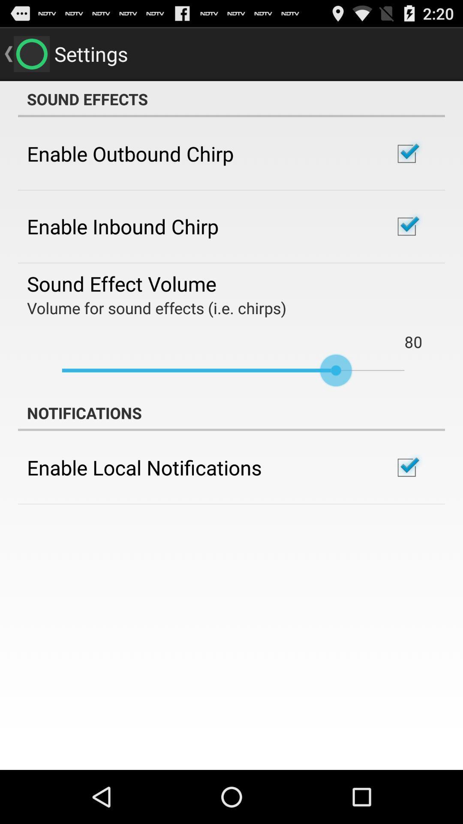 Image resolution: width=463 pixels, height=824 pixels. I want to click on item below notifications icon, so click(144, 467).